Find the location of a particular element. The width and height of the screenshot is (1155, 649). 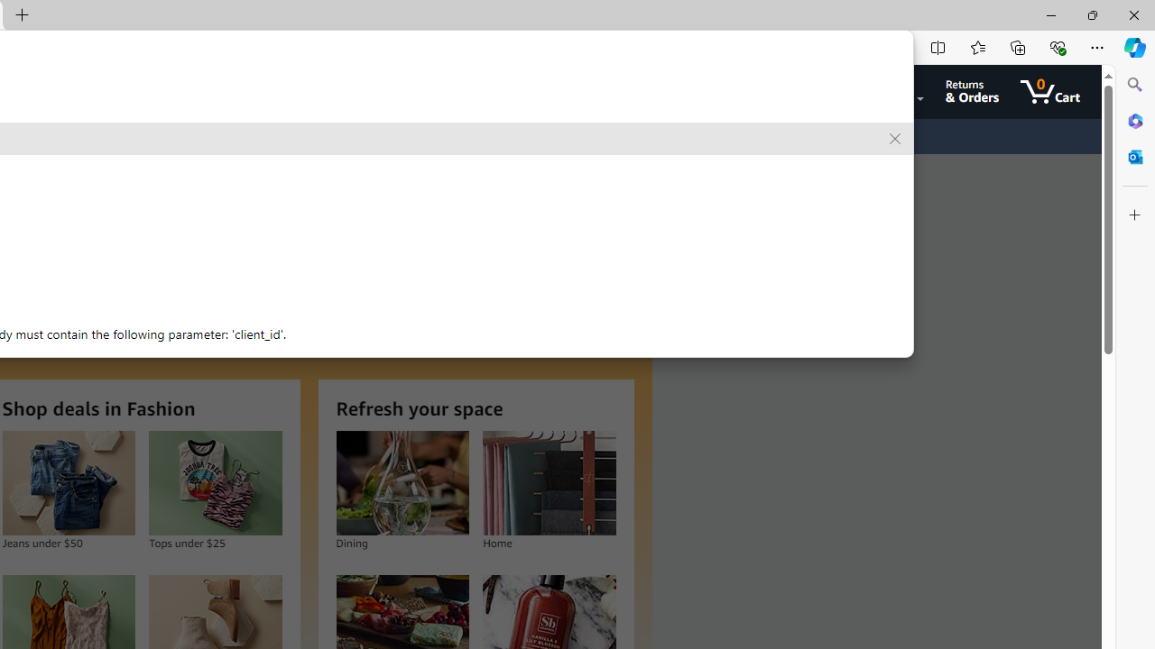

'Tops under $25' is located at coordinates (215, 482).